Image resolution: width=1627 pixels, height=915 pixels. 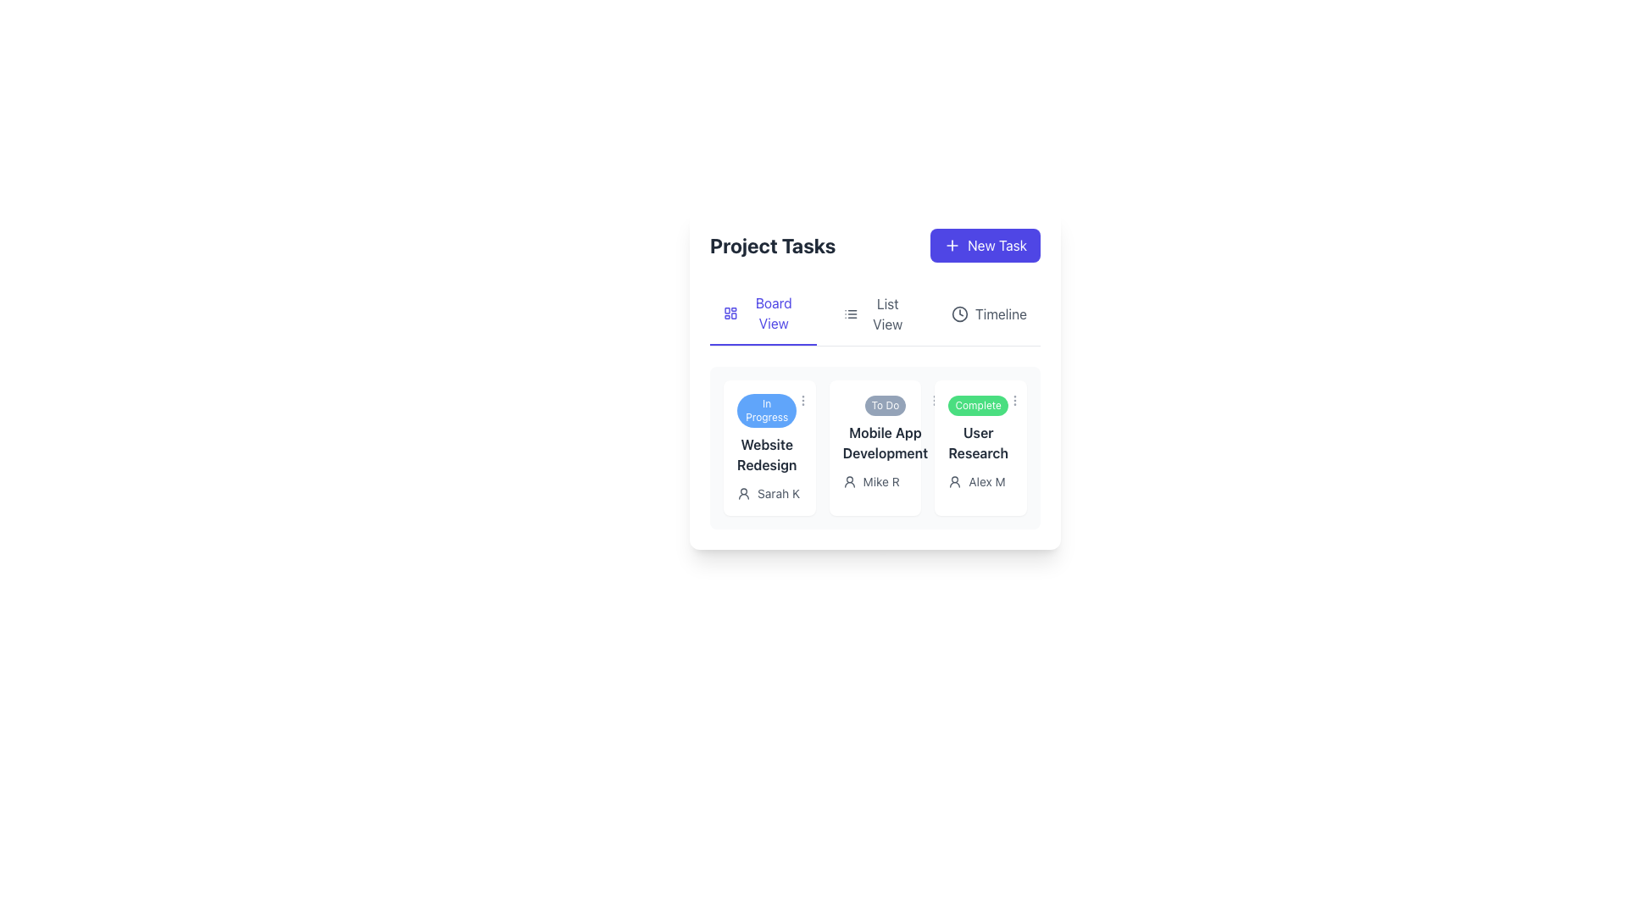 What do you see at coordinates (768, 493) in the screenshot?
I see `the text element identifying 'Sarah K' under the 'Website Redesign' section of the 'Project Tasks' panel` at bounding box center [768, 493].